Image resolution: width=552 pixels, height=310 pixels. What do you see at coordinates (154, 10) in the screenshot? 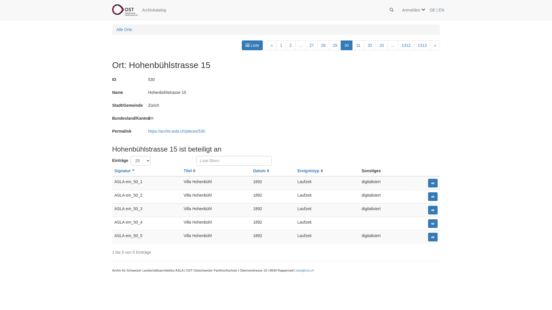
I see `'Archivkatalog'` at bounding box center [154, 10].